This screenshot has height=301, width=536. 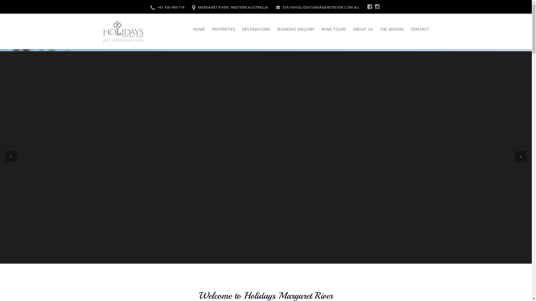 What do you see at coordinates (219, 29) in the screenshot?
I see `'PROPERTIES'` at bounding box center [219, 29].